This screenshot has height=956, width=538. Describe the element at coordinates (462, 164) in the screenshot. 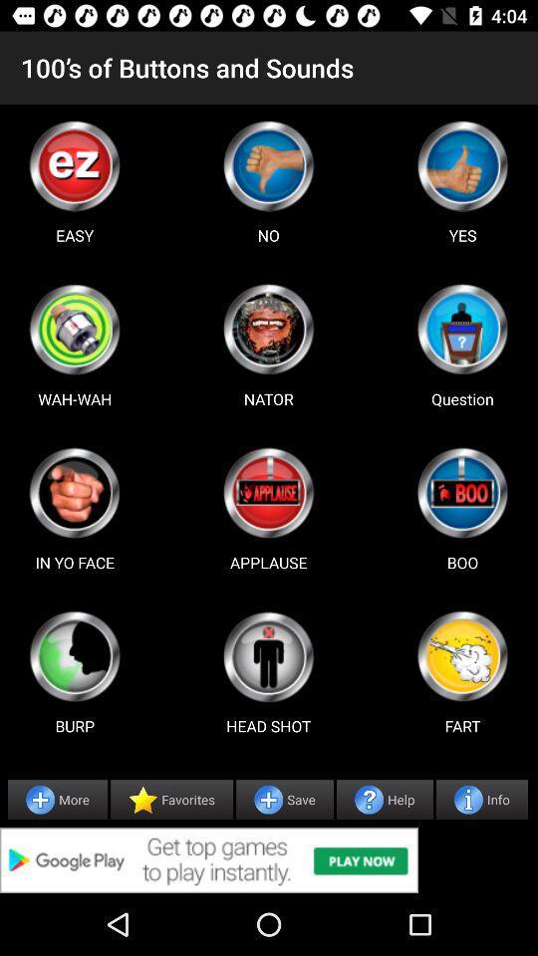

I see `game select option` at that location.